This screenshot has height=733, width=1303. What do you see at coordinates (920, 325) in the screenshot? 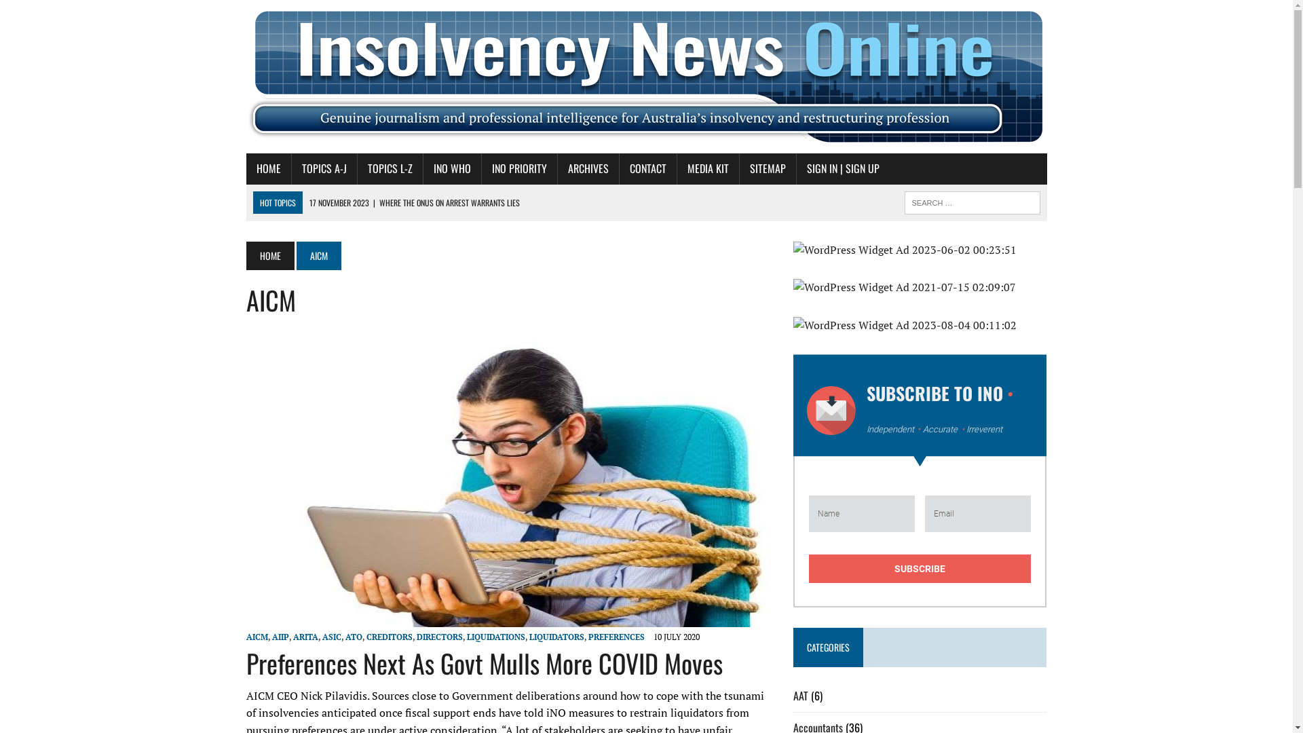
I see `'WordPress Widget Ad 2023-08-04 00:11:02'` at bounding box center [920, 325].